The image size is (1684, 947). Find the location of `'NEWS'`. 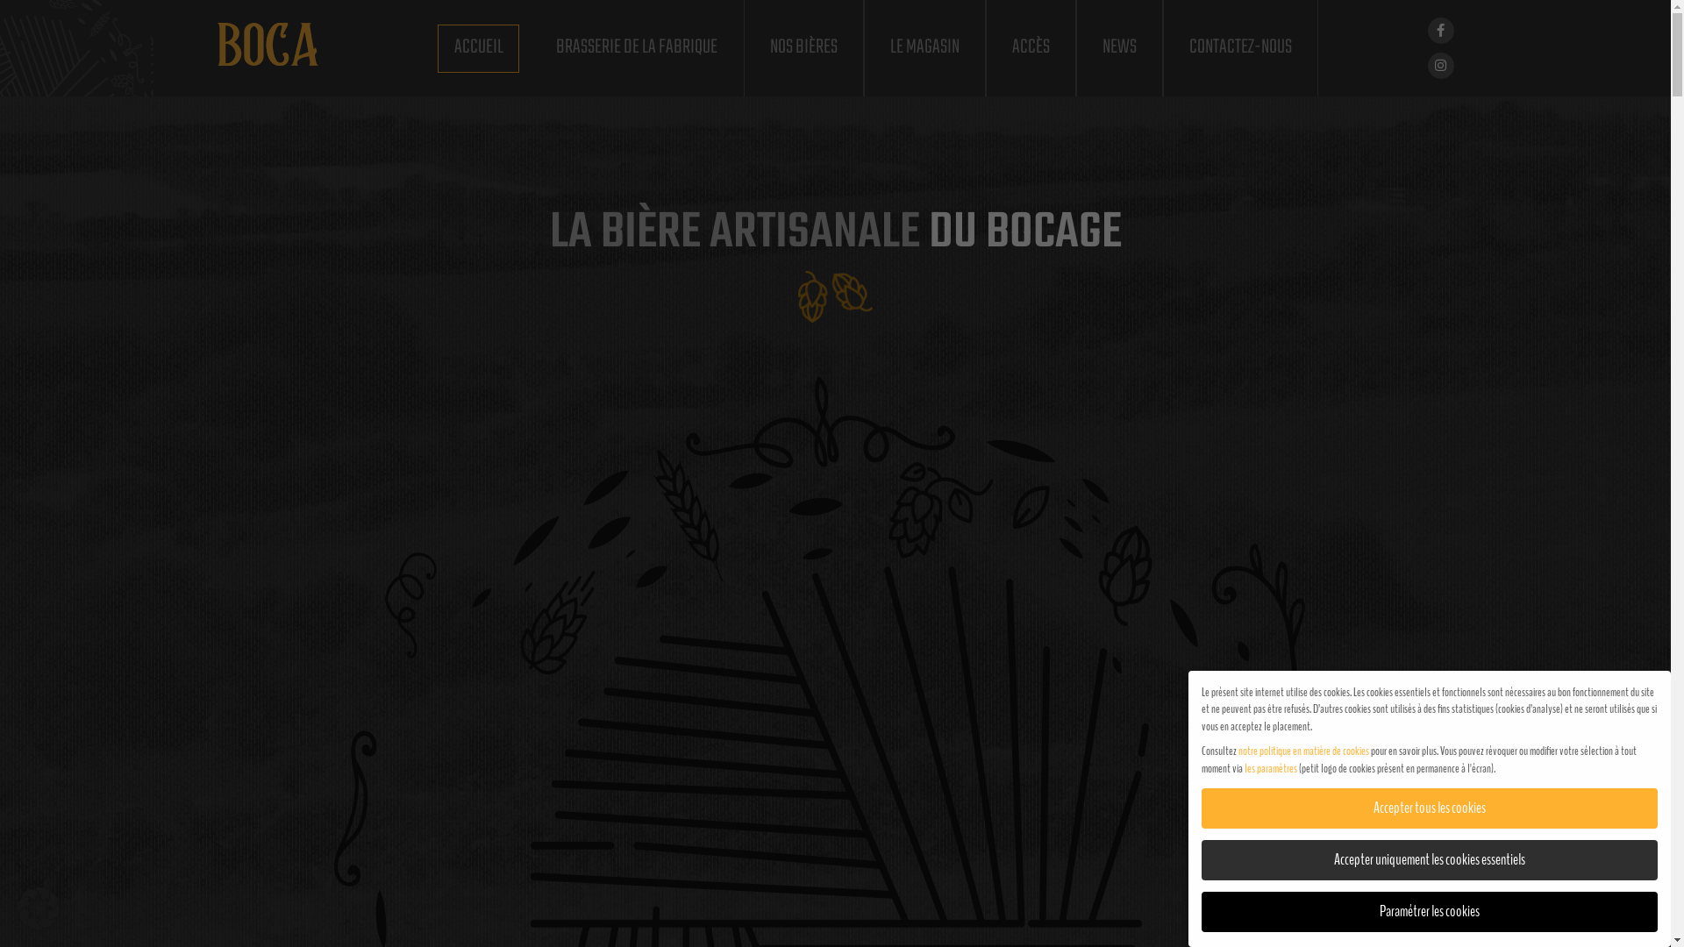

'NEWS' is located at coordinates (1117, 46).